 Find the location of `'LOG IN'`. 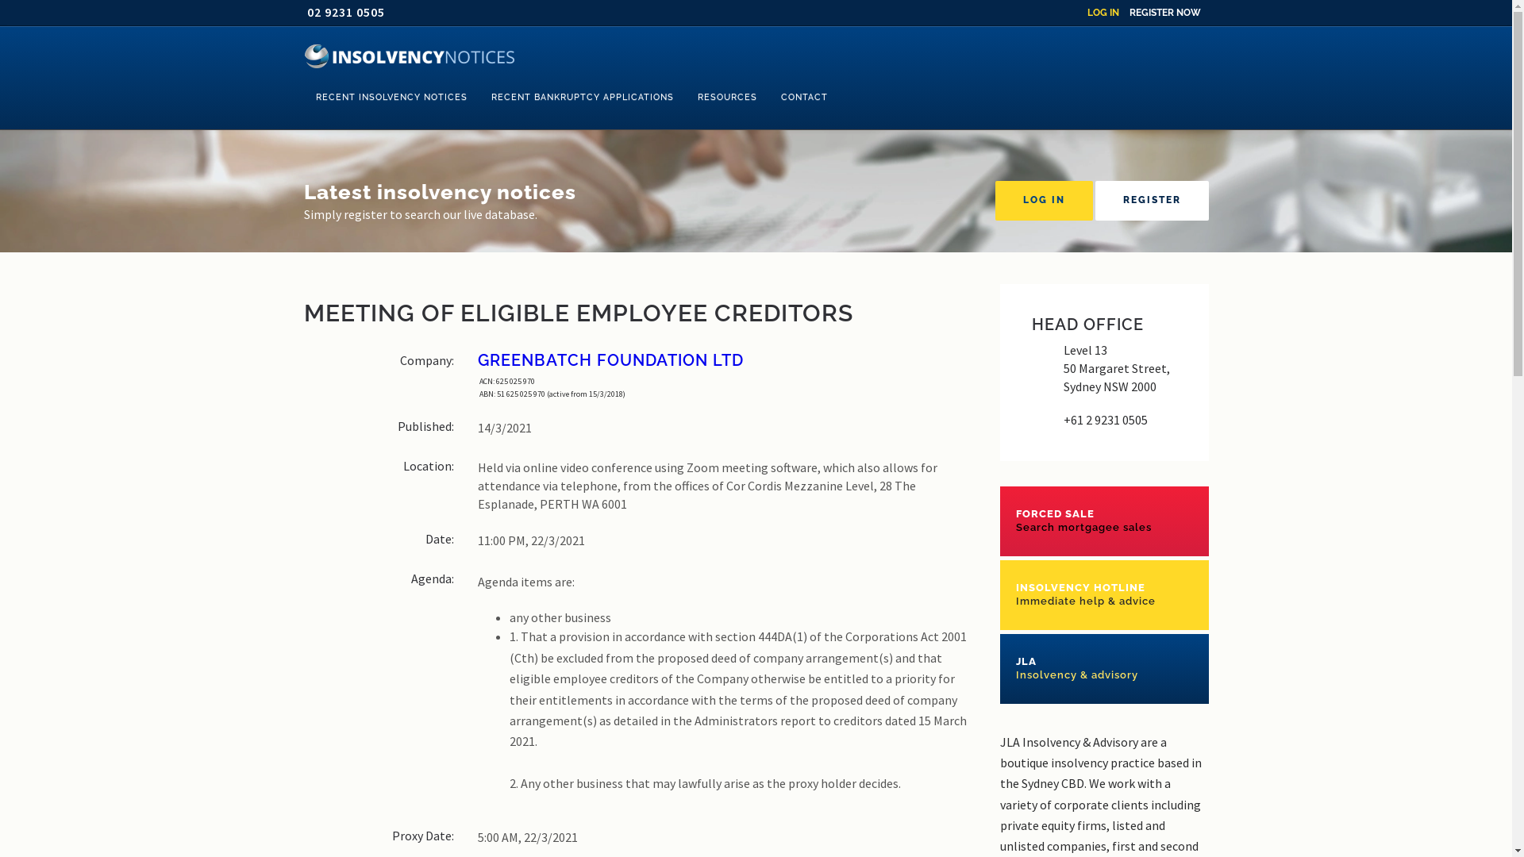

'LOG IN' is located at coordinates (1044, 200).